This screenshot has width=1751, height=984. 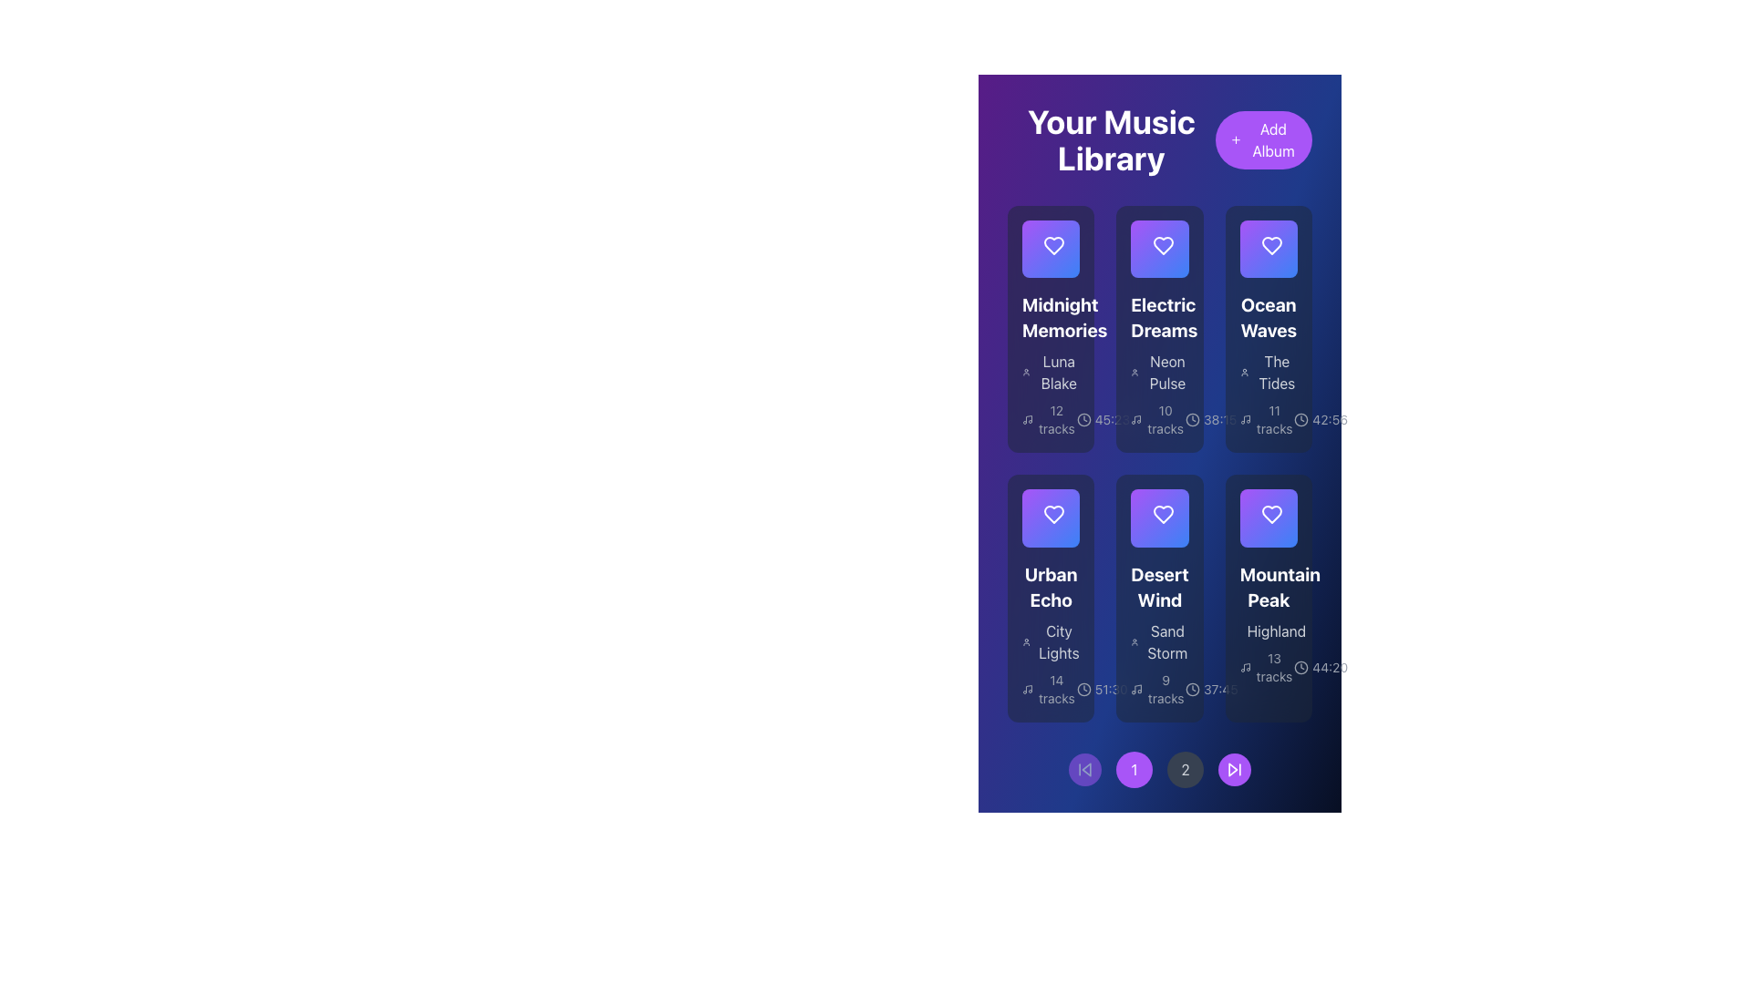 I want to click on the skip-forward button with a purple circular background located at the bottom right of the control panel, so click(x=1234, y=769).